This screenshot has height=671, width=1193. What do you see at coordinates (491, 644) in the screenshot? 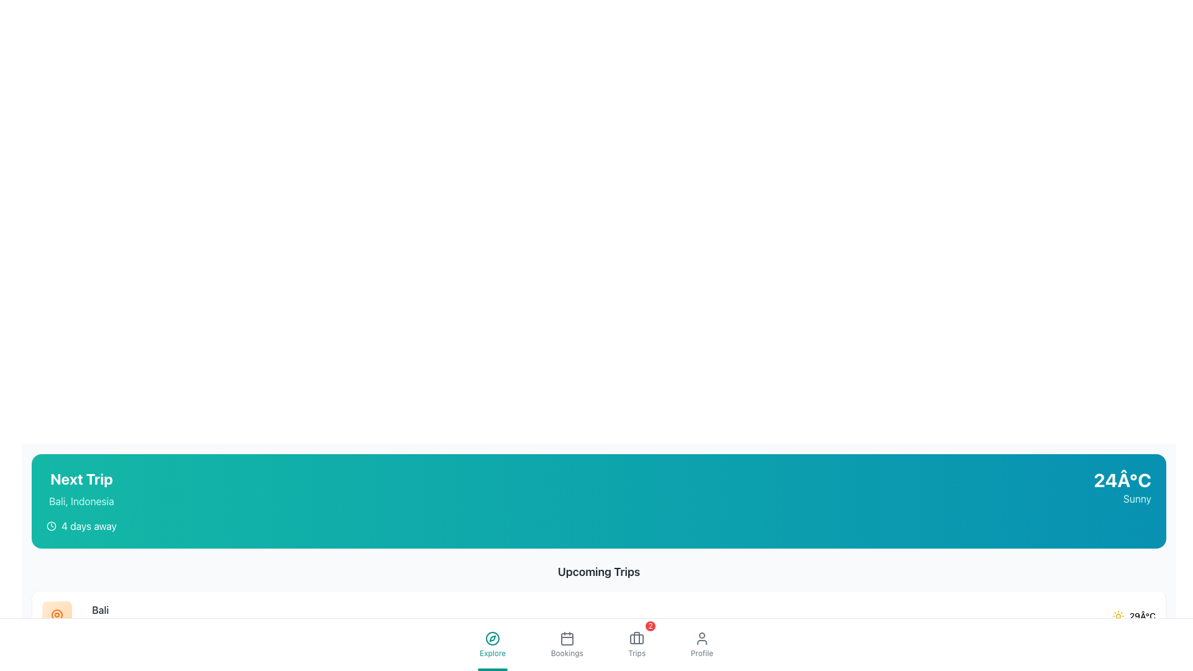
I see `the Interactive Navigation Button located in the bottom navigation bar` at bounding box center [491, 644].